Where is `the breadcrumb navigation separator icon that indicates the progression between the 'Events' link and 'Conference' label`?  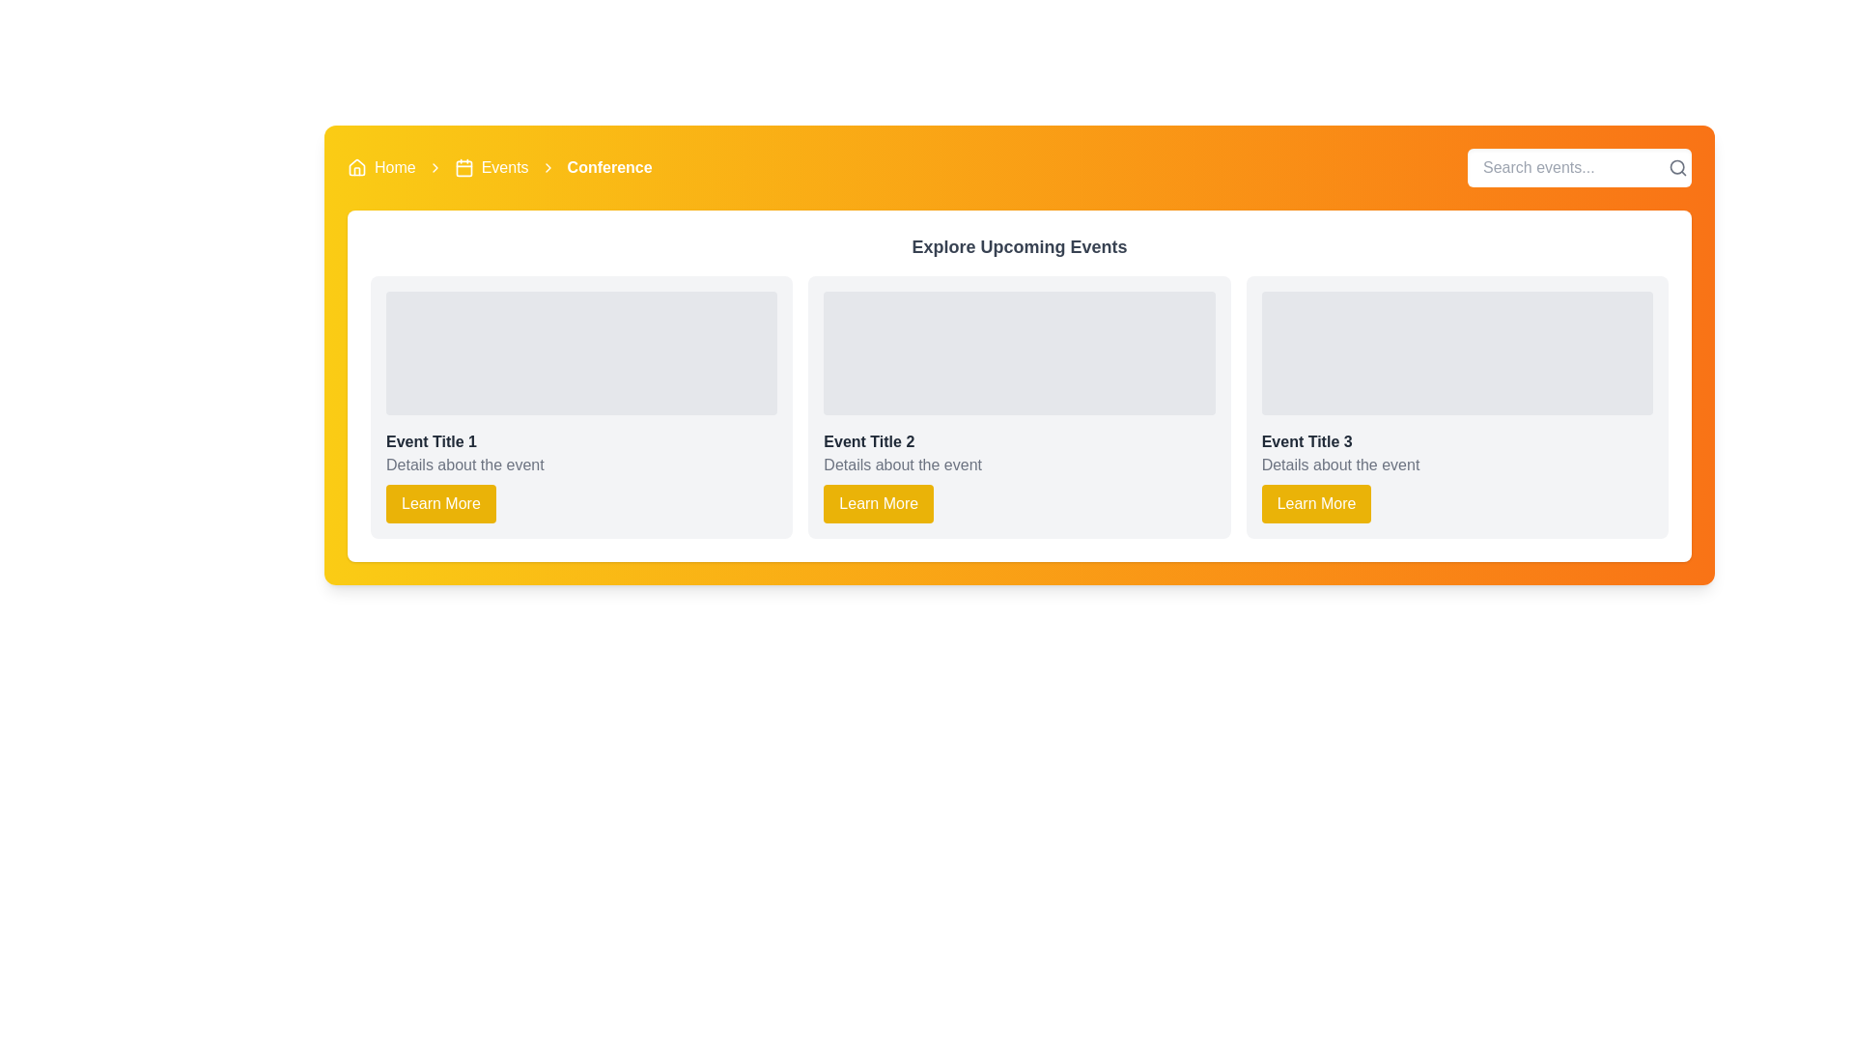
the breadcrumb navigation separator icon that indicates the progression between the 'Events' link and 'Conference' label is located at coordinates (547, 166).